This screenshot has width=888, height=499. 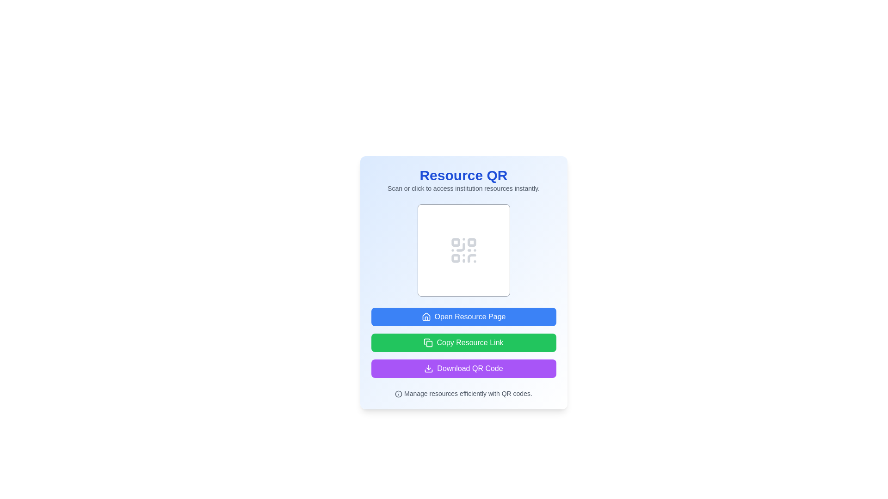 I want to click on the Icon located to the left of the text 'Manage resources efficiently with QR codes.' to obtain additional information, so click(x=399, y=394).